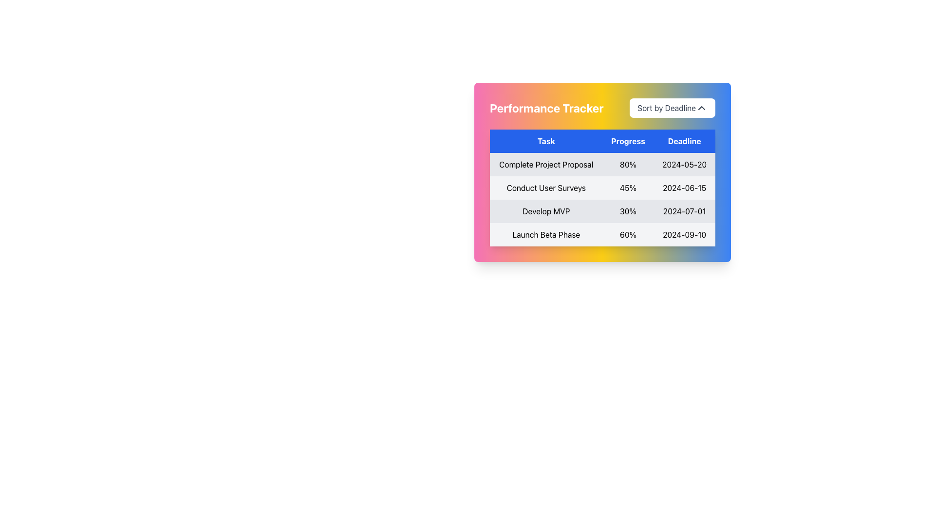 The width and height of the screenshot is (935, 526). Describe the element at coordinates (628, 211) in the screenshot. I see `the progress indicator text label that displays a percentage, located centrally in the 'Progress' column between 'Develop MVP' and '2024-07-01'` at that location.